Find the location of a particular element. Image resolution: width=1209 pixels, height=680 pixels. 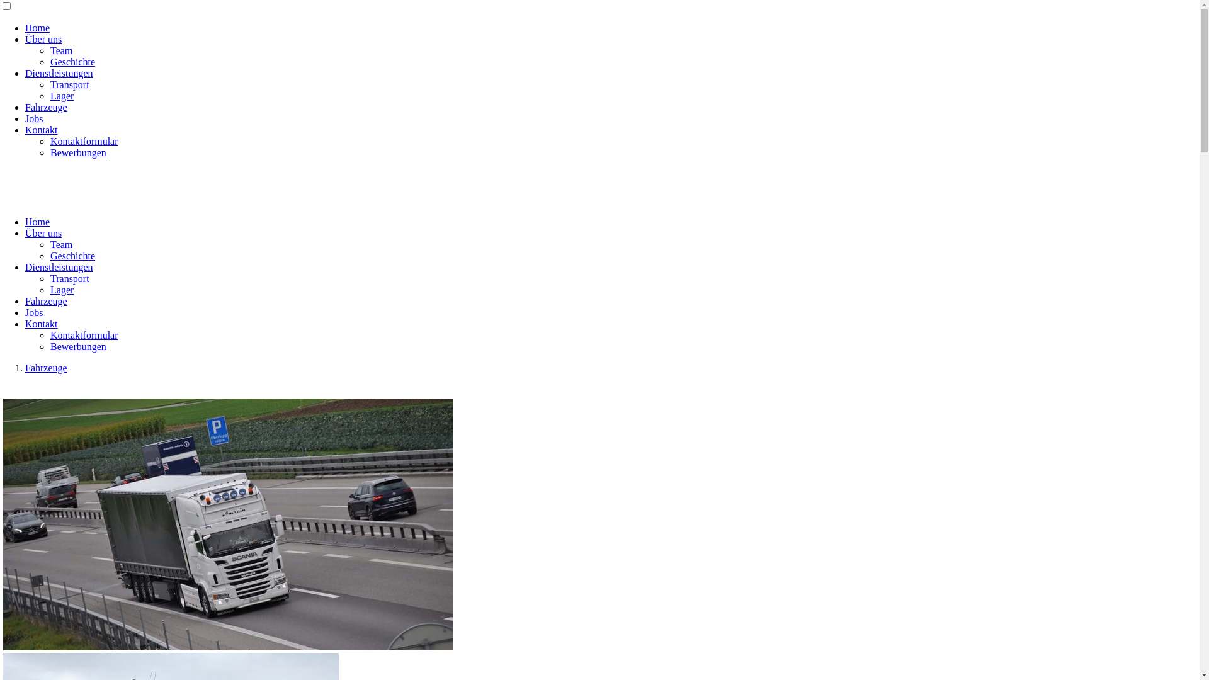

'Fahrzeuge' is located at coordinates (46, 368).